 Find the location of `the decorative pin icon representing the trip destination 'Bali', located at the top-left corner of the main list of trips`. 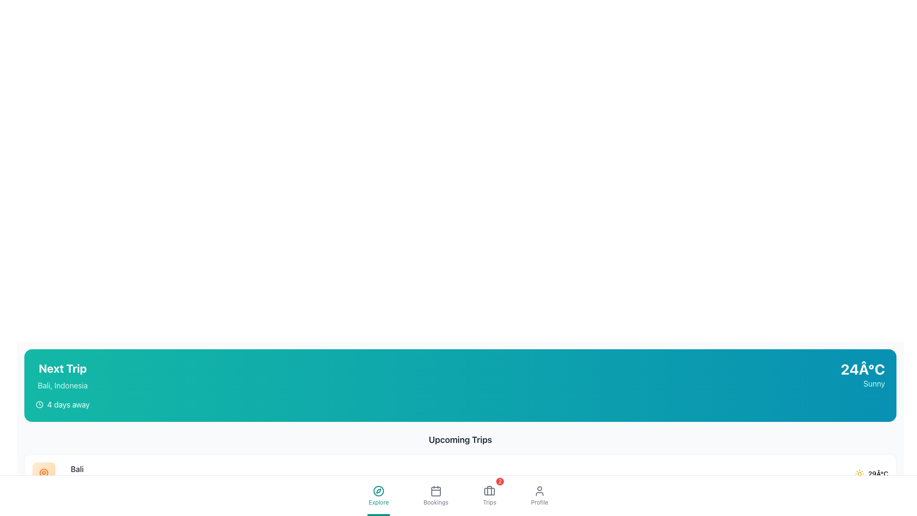

the decorative pin icon representing the trip destination 'Bali', located at the top-left corner of the main list of trips is located at coordinates (43, 473).